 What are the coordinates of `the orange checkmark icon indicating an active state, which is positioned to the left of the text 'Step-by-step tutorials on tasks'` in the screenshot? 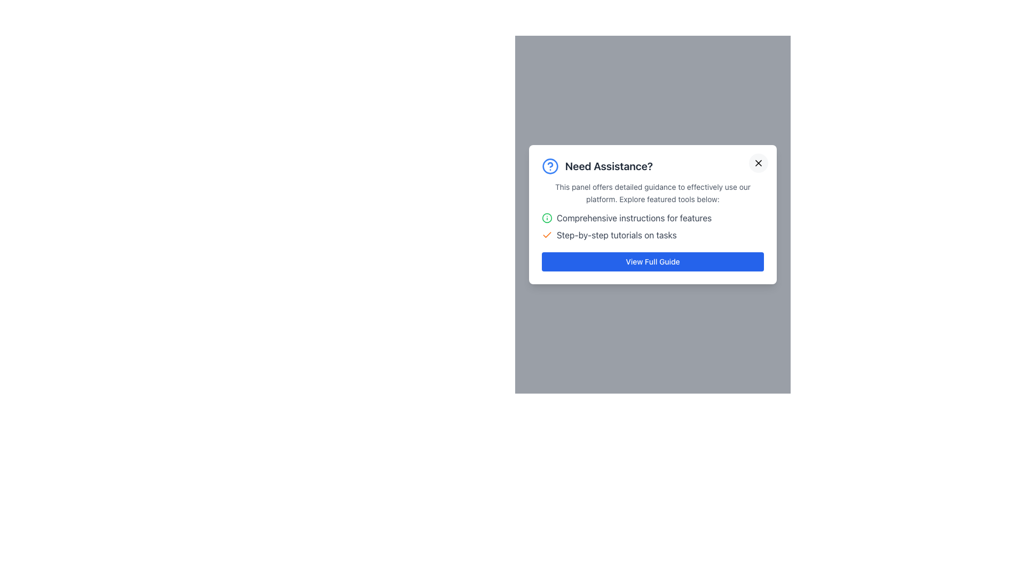 It's located at (547, 235).